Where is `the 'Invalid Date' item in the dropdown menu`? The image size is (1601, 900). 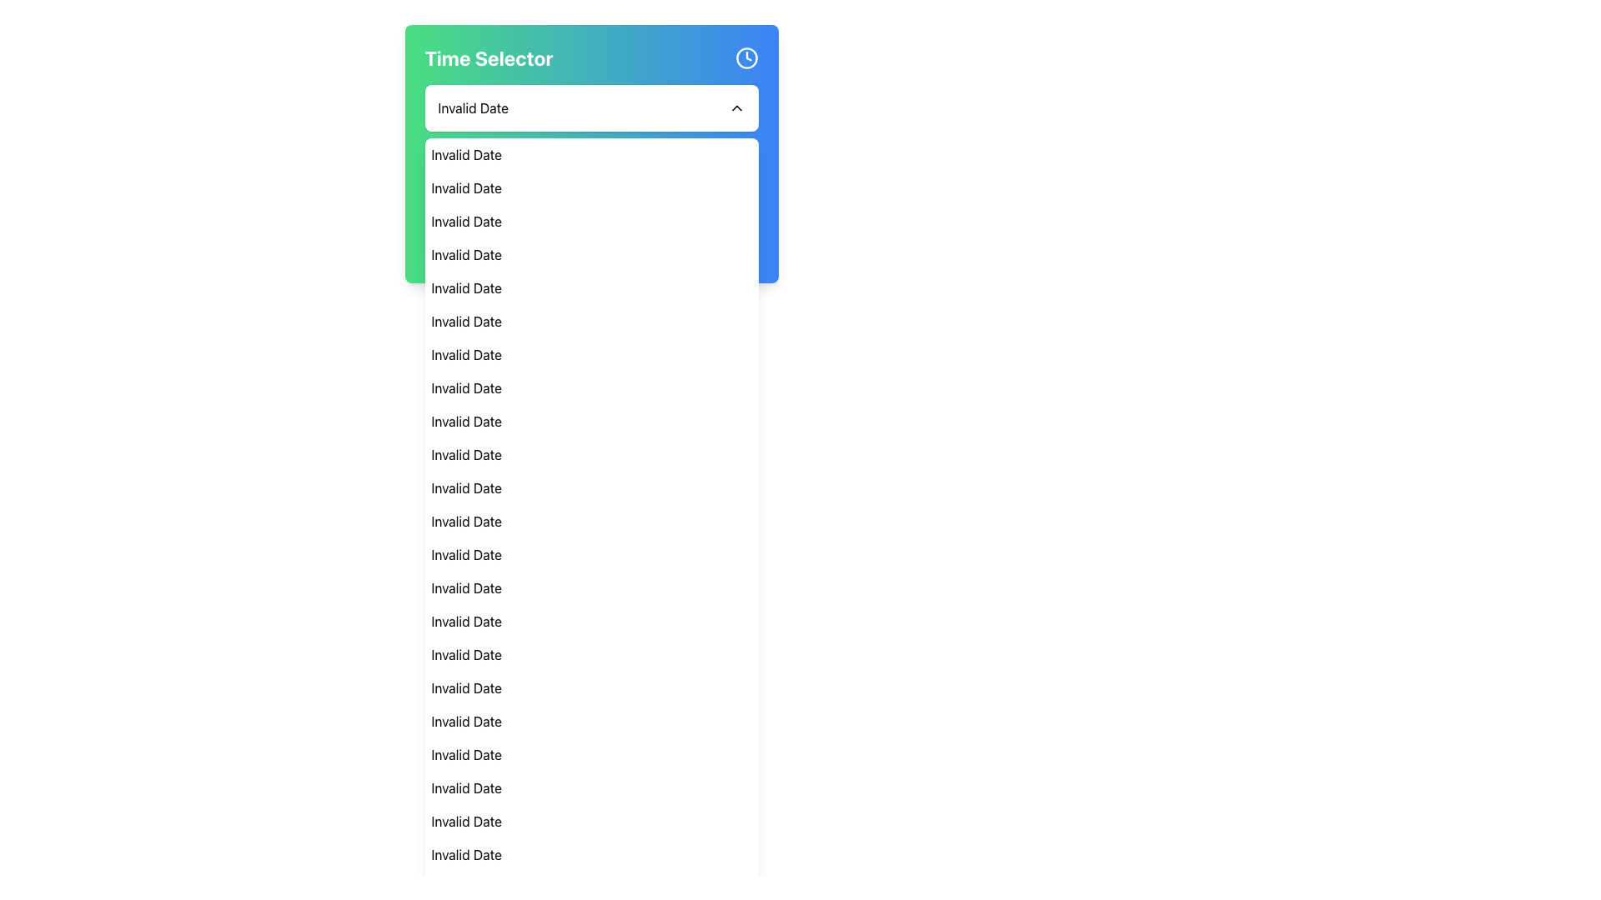 the 'Invalid Date' item in the dropdown menu is located at coordinates (591, 455).